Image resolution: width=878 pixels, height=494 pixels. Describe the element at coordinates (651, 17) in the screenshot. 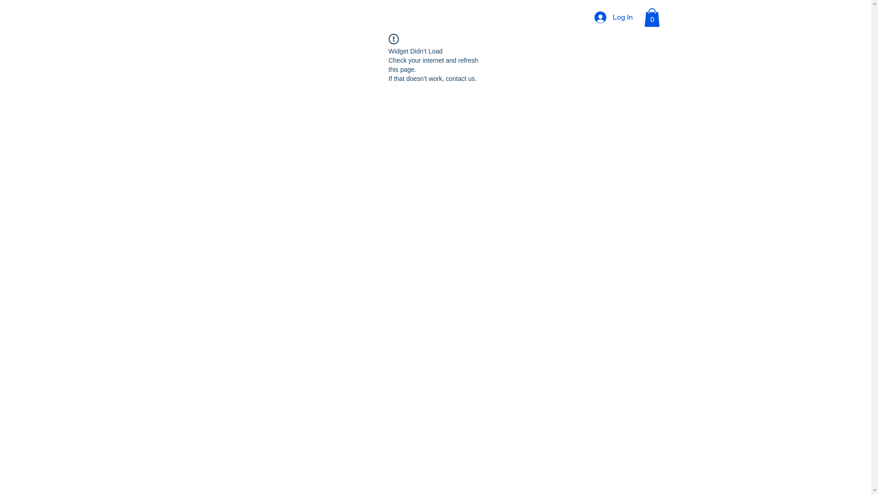

I see `'0'` at that location.